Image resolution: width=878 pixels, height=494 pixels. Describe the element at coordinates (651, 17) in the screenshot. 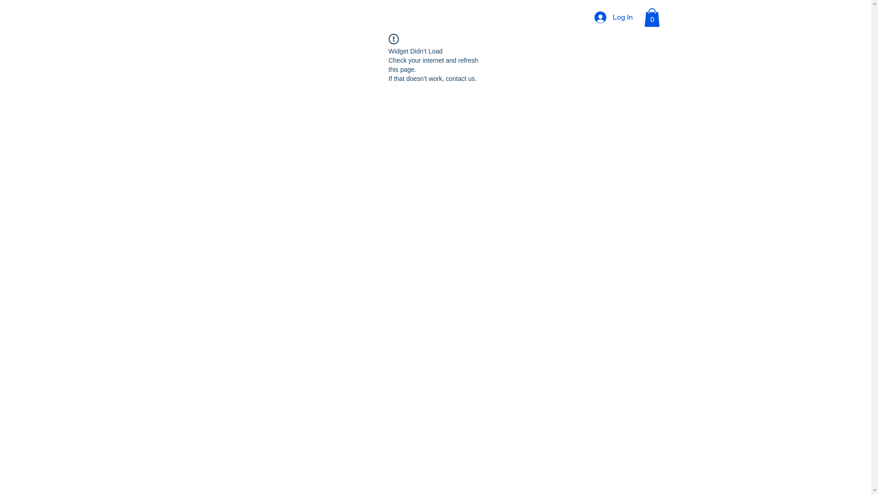

I see `'0'` at that location.